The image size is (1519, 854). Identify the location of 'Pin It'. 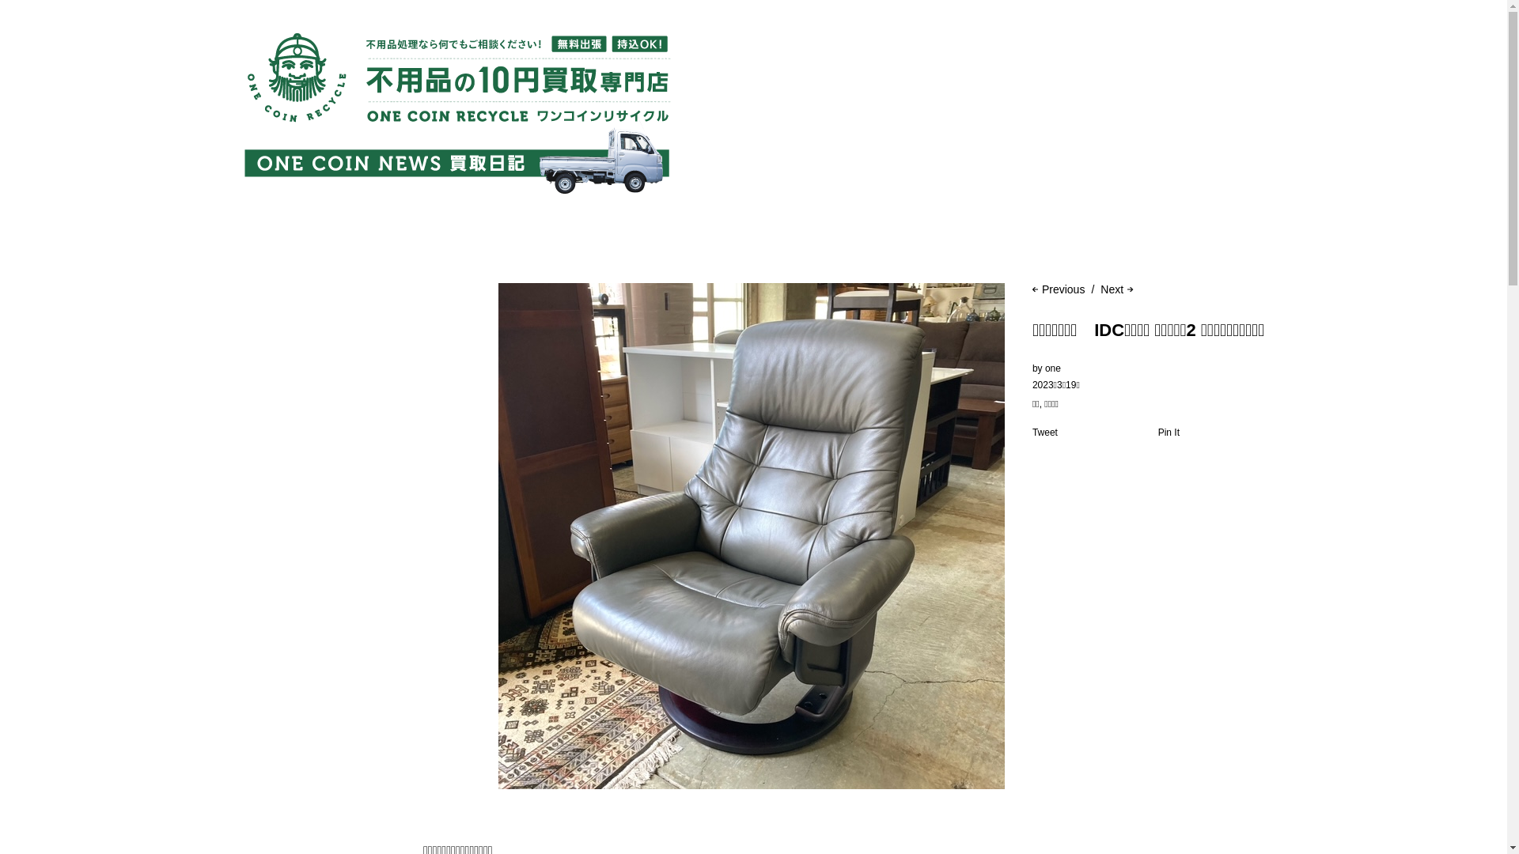
(1169, 433).